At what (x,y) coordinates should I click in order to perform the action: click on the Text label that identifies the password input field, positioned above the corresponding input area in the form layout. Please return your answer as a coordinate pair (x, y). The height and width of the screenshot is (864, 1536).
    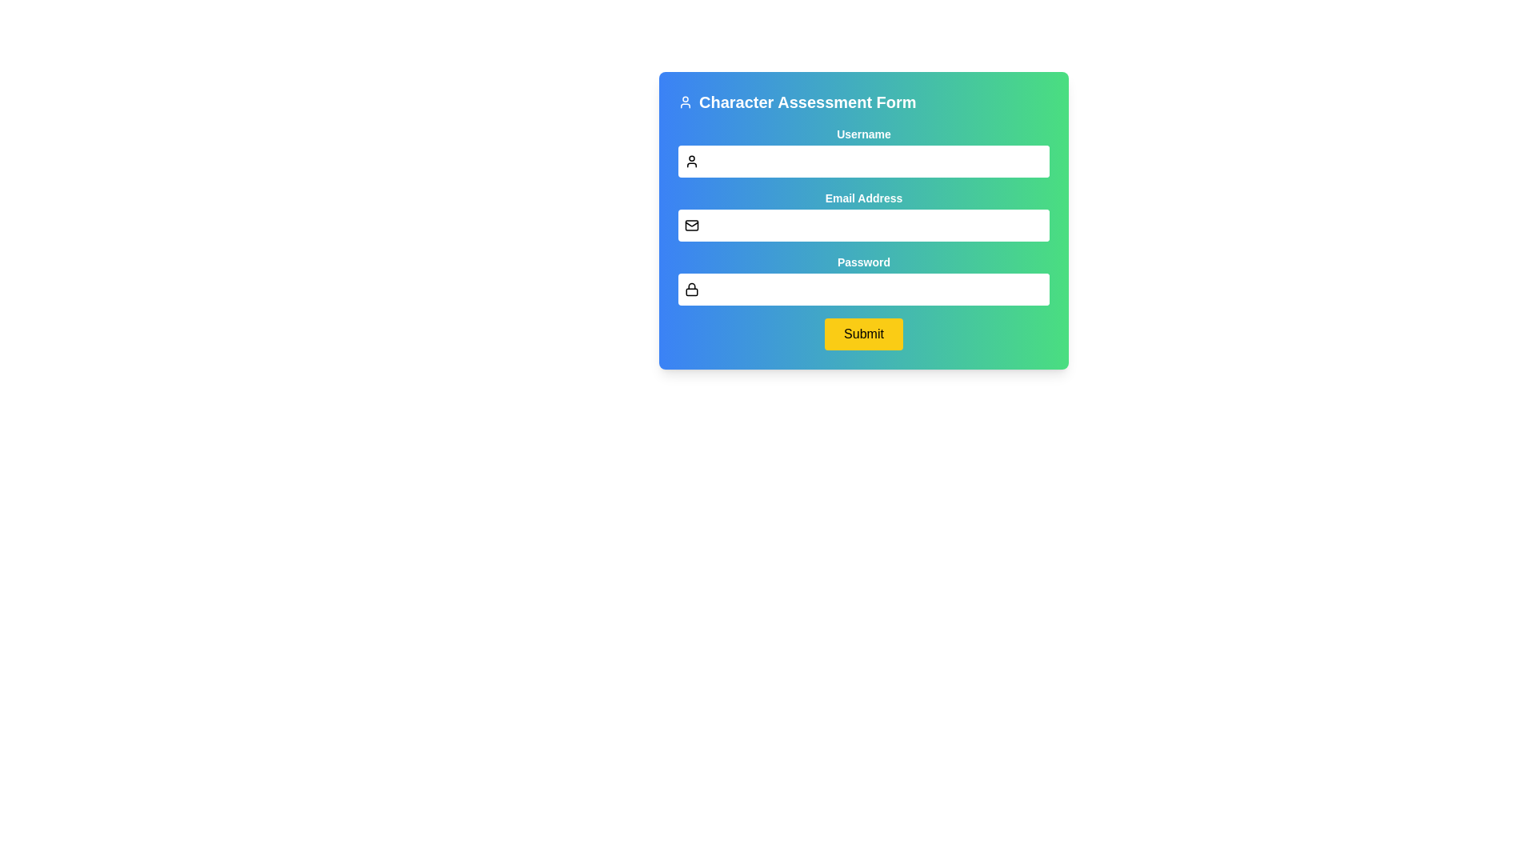
    Looking at the image, I should click on (863, 261).